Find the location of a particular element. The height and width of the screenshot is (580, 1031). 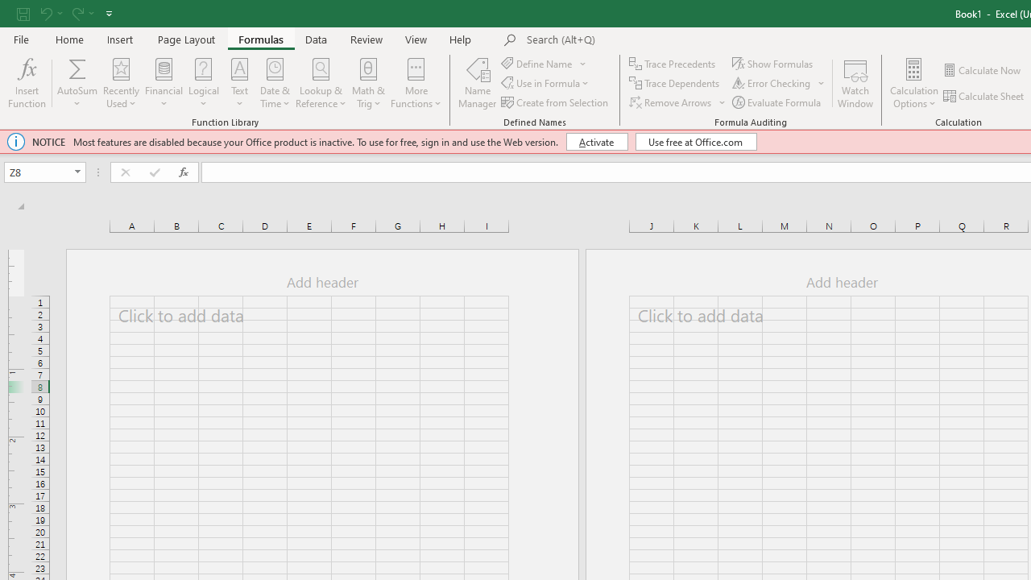

'Trace Precedents' is located at coordinates (673, 63).